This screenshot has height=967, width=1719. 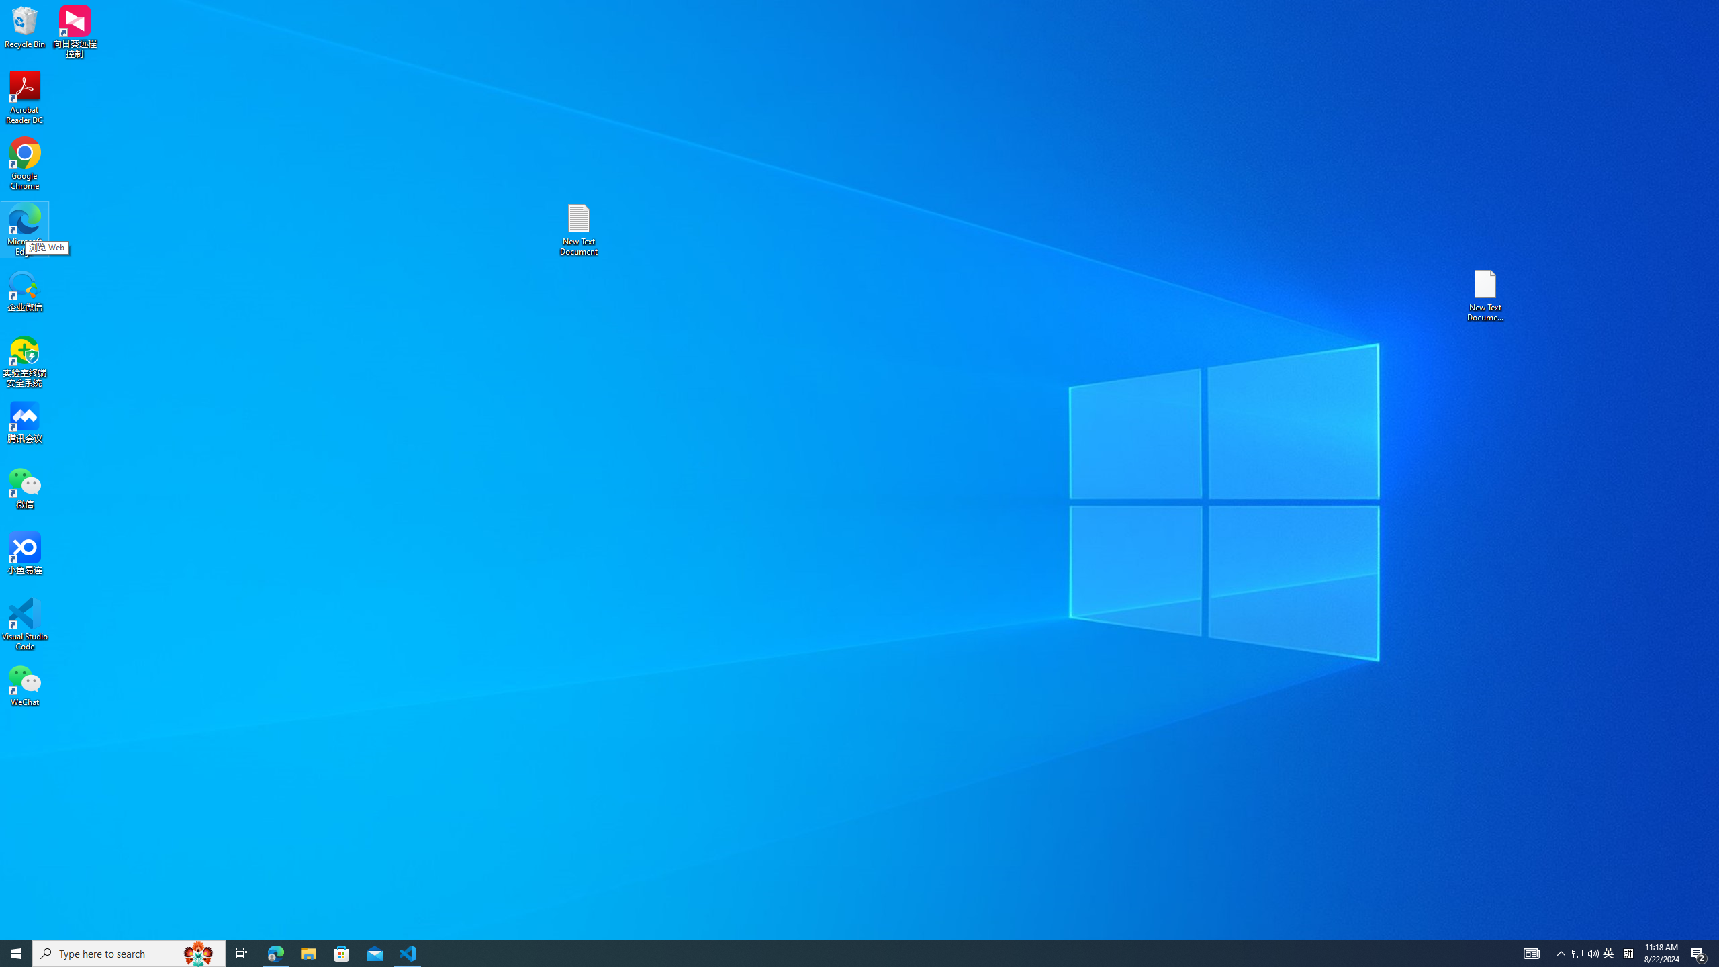 What do you see at coordinates (197, 952) in the screenshot?
I see `'Search highlights icon opens search home window'` at bounding box center [197, 952].